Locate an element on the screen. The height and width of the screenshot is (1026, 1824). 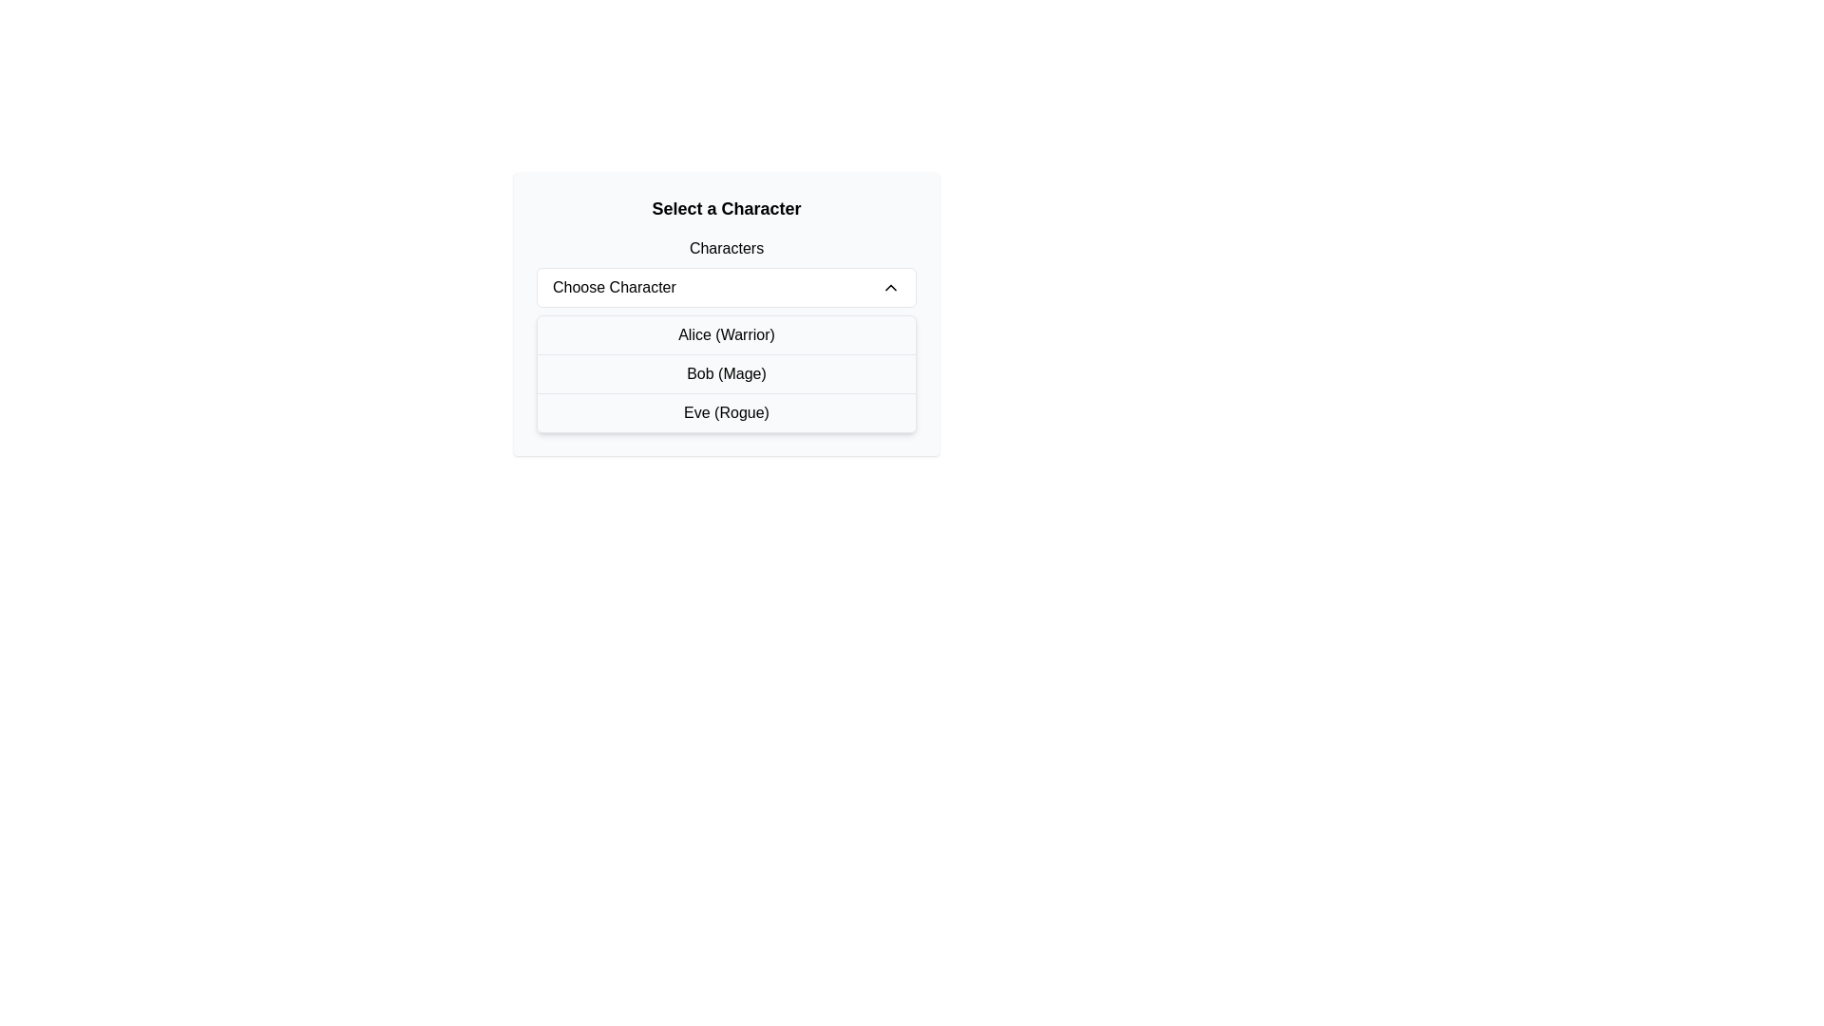
the text label 'Alice (Warrior)' in the dropdown menu is located at coordinates (725, 334).